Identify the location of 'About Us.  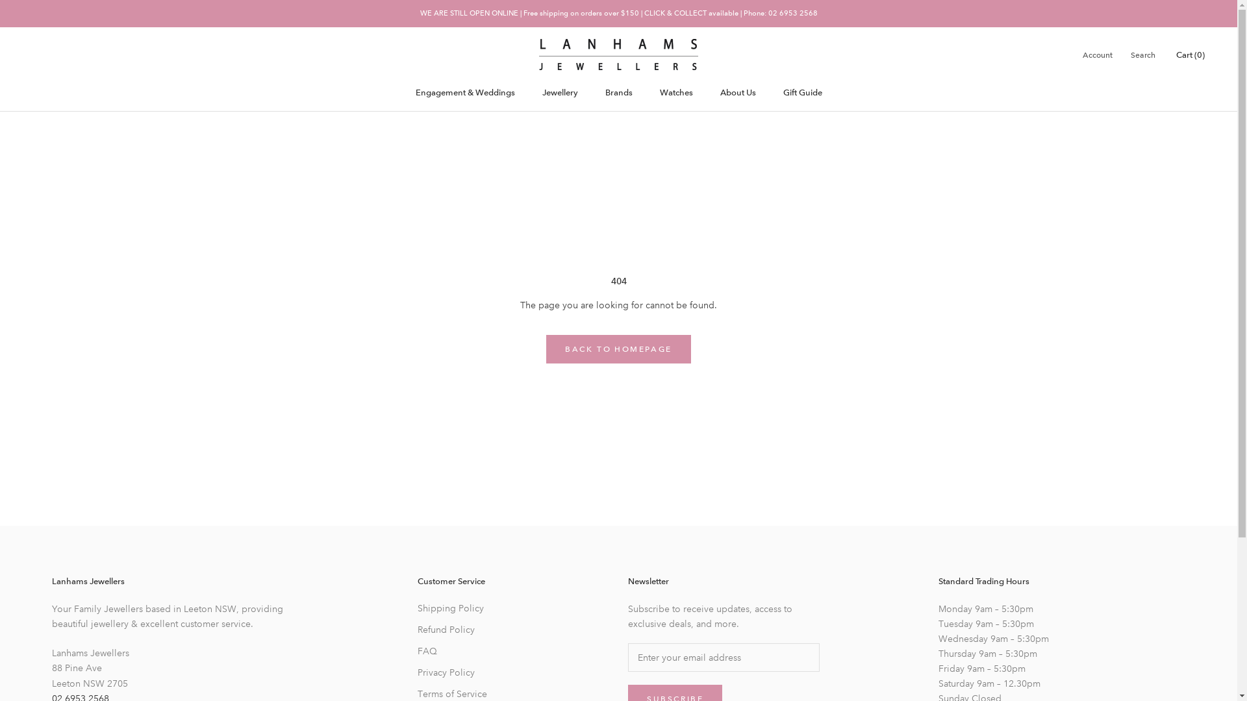
(737, 92).